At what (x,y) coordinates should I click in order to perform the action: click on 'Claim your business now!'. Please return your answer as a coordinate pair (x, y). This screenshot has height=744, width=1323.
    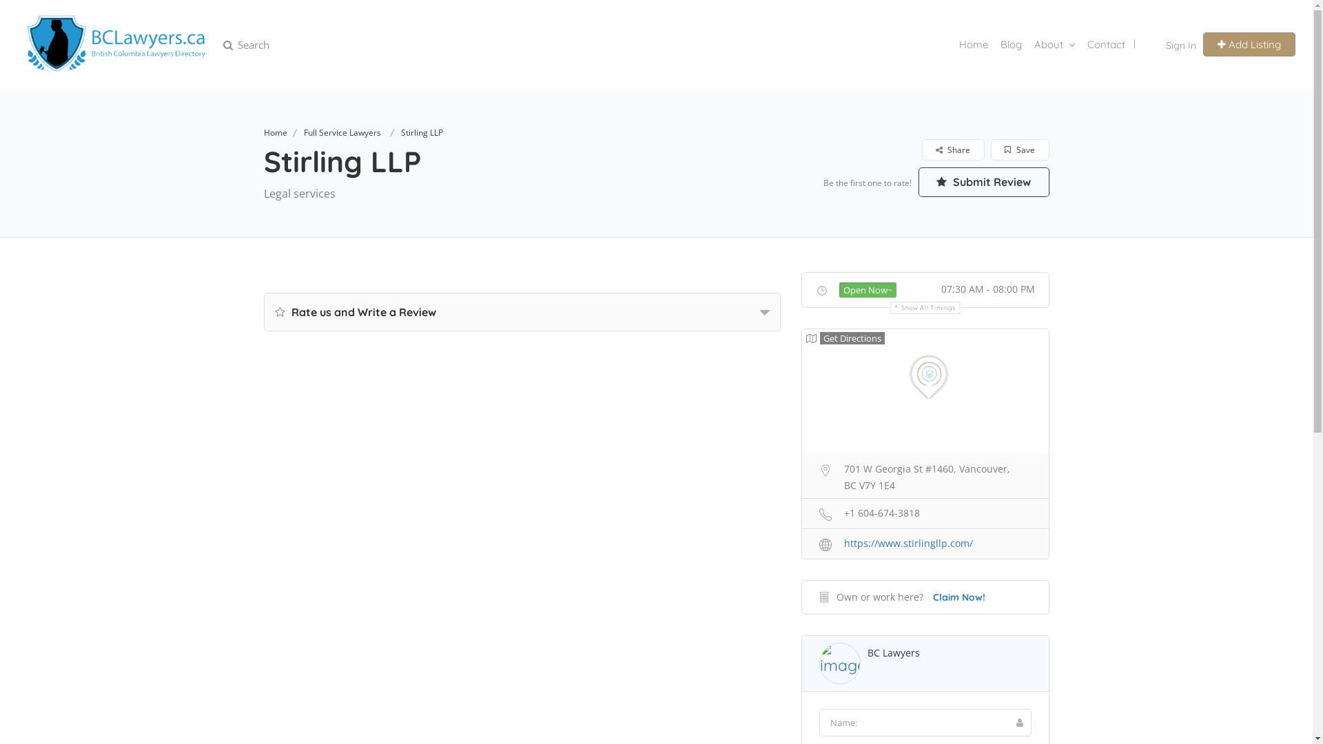
    Looking at the image, I should click on (530, 517).